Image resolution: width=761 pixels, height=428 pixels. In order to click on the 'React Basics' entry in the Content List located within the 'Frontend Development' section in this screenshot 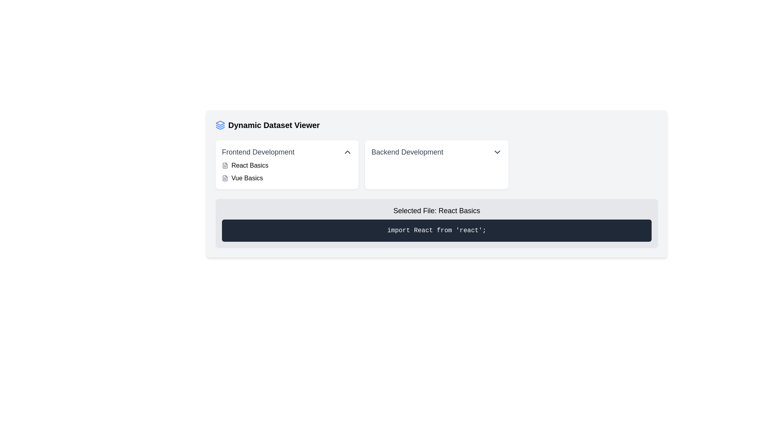, I will do `click(287, 172)`.